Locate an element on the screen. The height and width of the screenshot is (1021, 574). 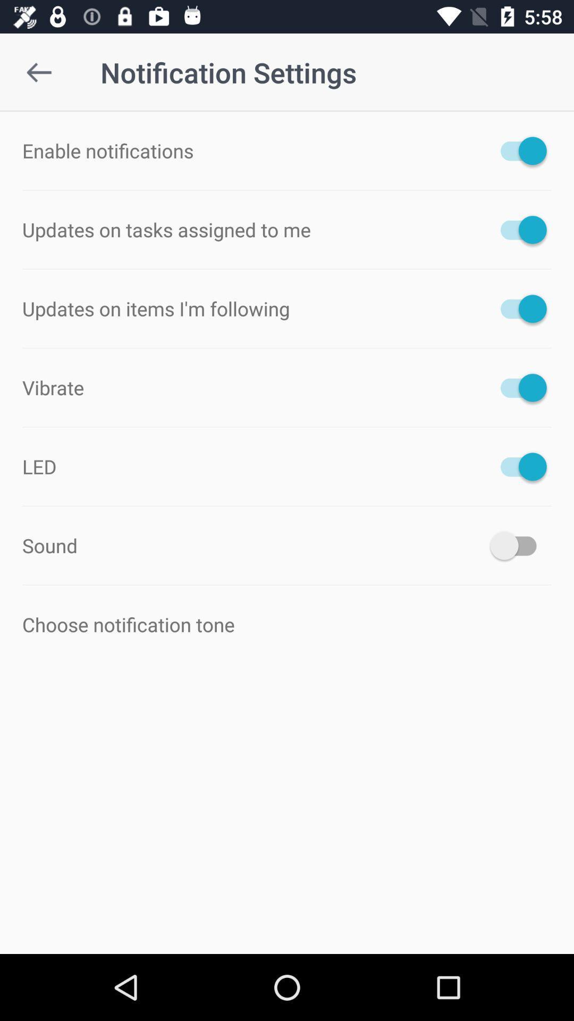
the button is used to notification is on is located at coordinates (518, 150).